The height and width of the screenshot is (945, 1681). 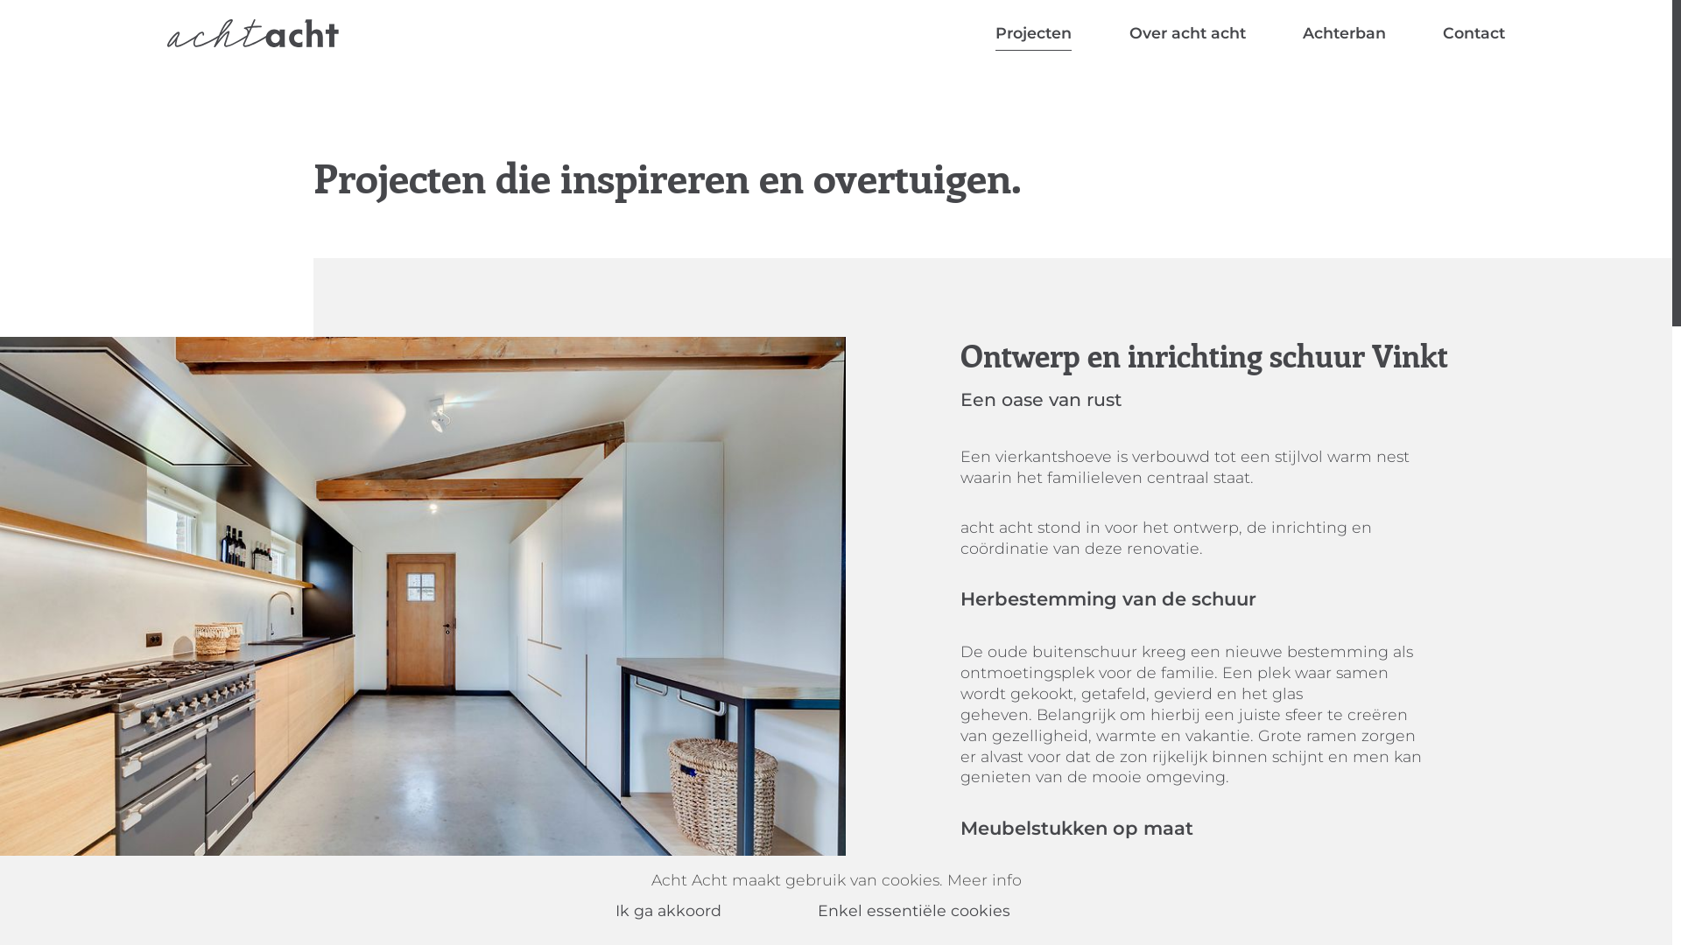 I want to click on 'Contact', so click(x=1473, y=33).